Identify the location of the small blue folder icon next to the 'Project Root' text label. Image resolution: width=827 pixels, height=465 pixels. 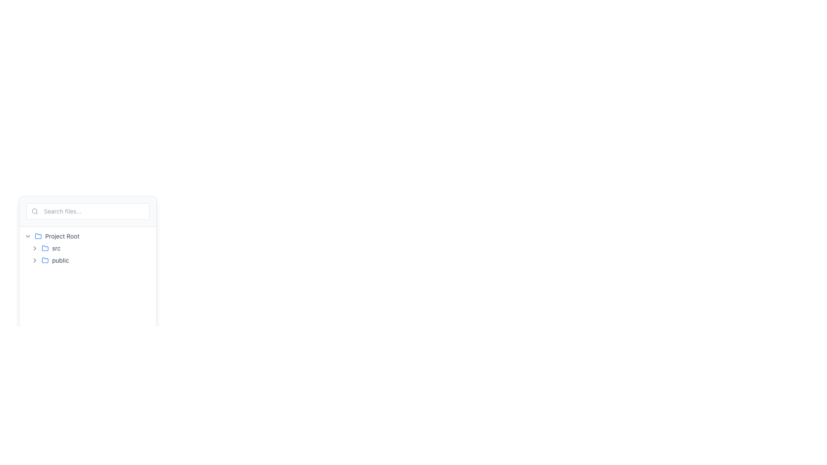
(38, 236).